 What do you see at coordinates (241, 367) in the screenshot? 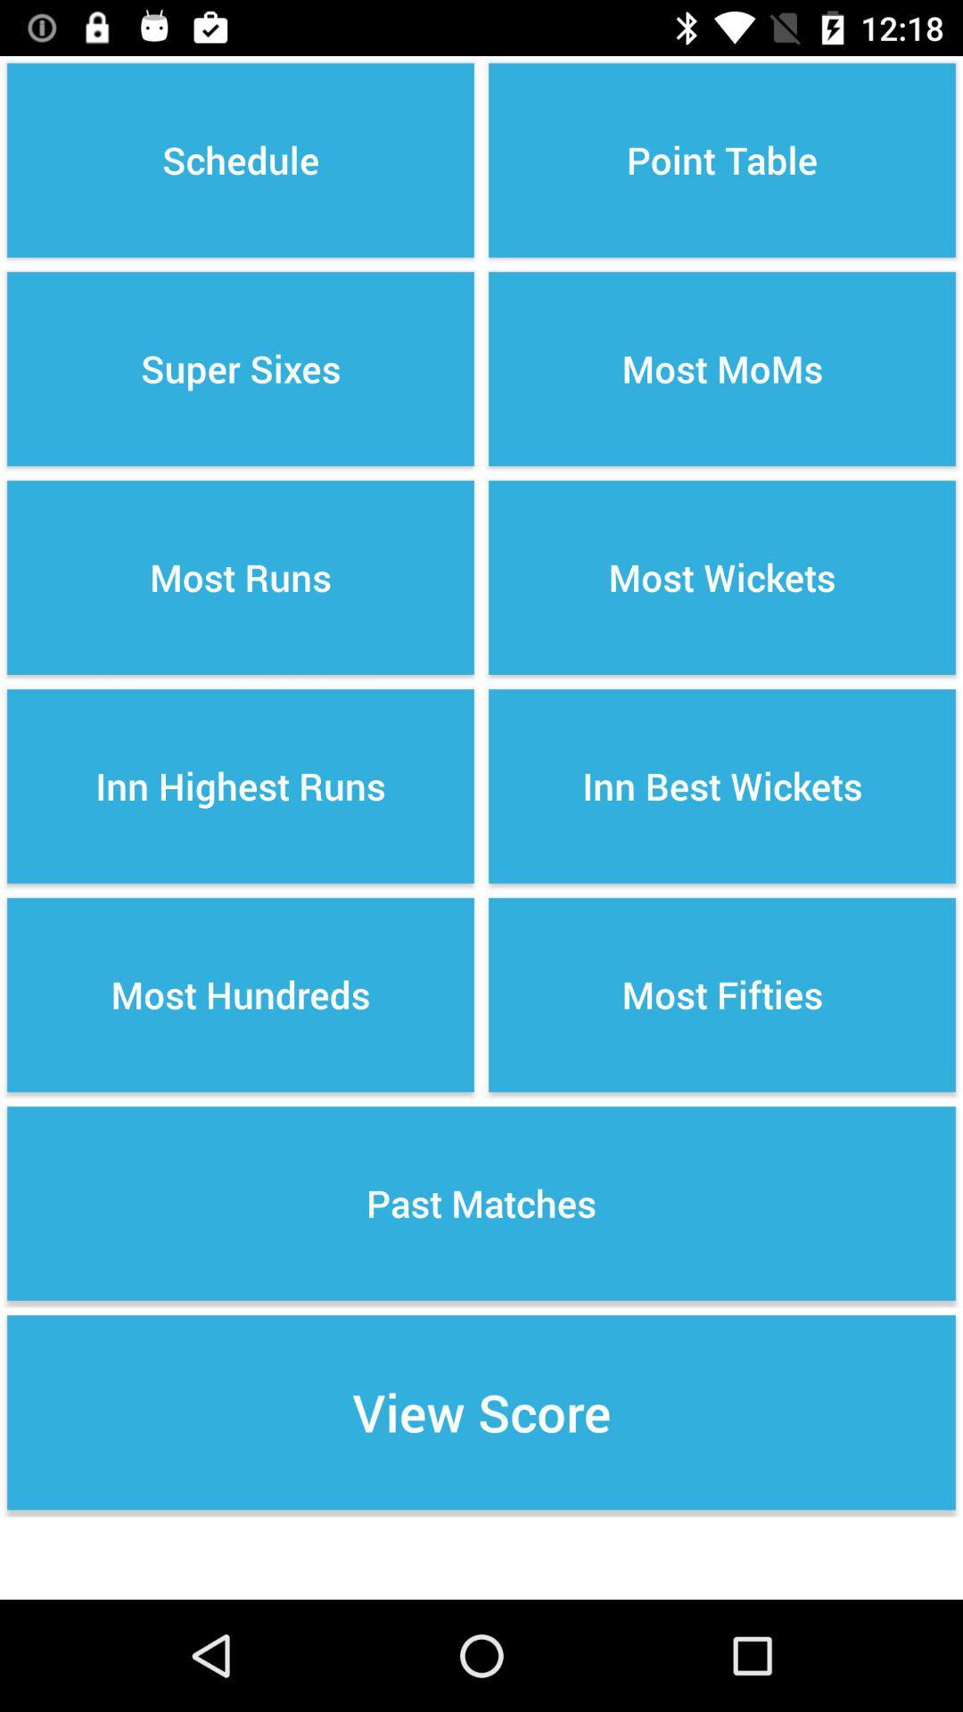
I see `item above the most runs item` at bounding box center [241, 367].